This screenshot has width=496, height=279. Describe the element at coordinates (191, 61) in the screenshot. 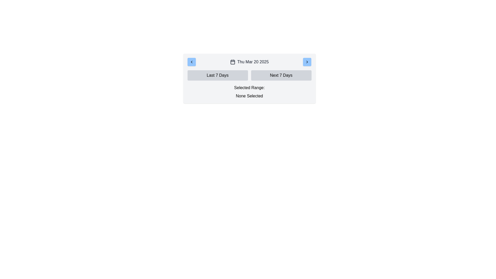

I see `the button located on the far left of the horizontal bar that displays 'Thu Mar 20 2025'` at that location.